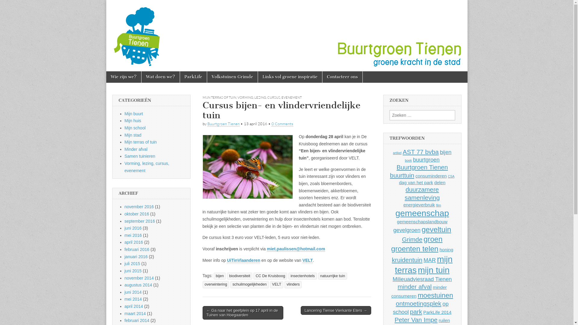  Describe the element at coordinates (139, 206) in the screenshot. I see `'november 2016'` at that location.